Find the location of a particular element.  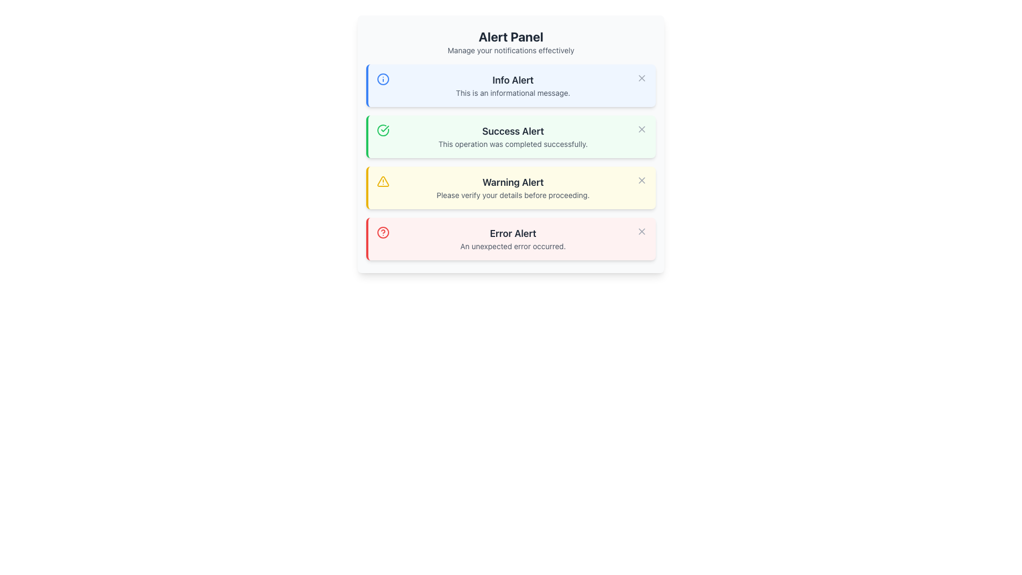

the 'Info Alert' text and informational alert box, which features a bold title and smaller gray text within a light blue background and blue border is located at coordinates (513, 85).